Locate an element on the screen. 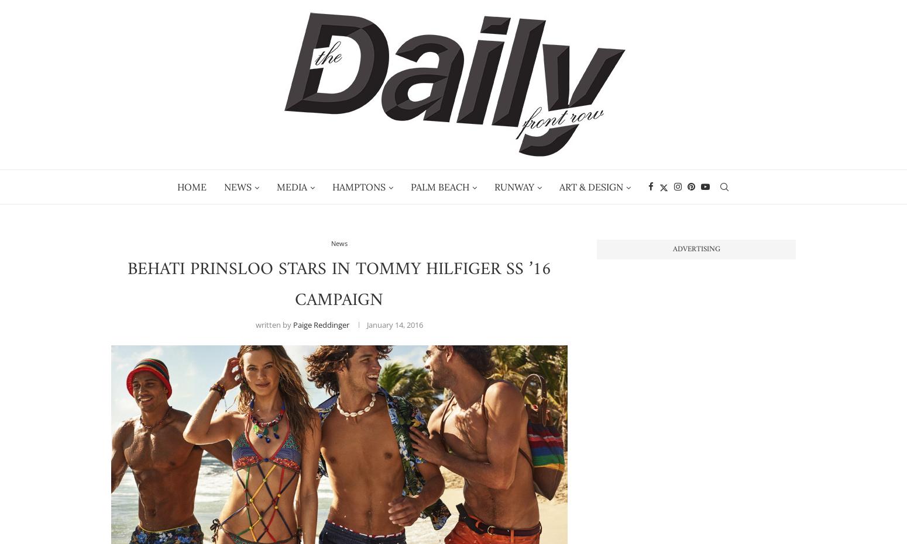 The image size is (907, 544). 'Hamptons' is located at coordinates (358, 186).